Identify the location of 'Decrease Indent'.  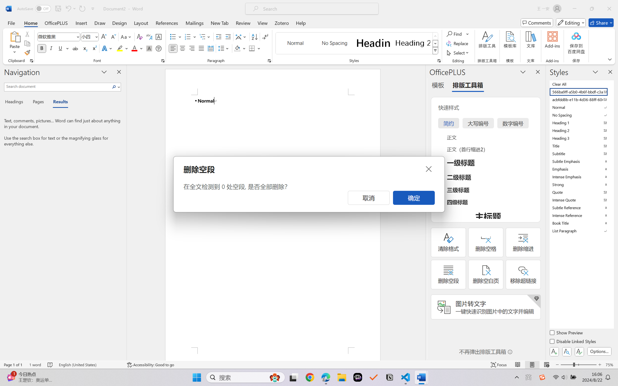
(219, 37).